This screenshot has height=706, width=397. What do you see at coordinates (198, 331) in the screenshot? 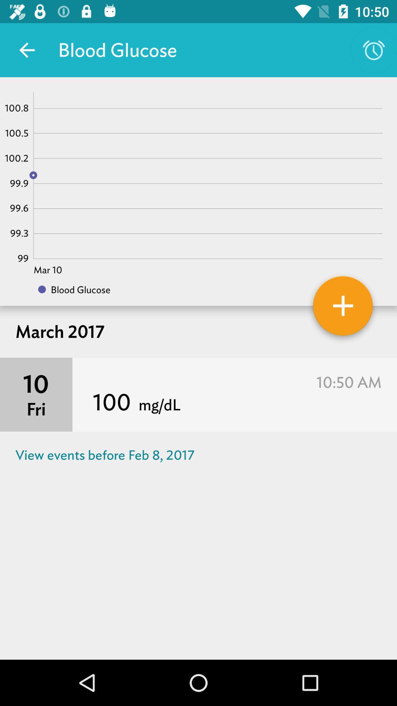
I see `march 2017` at bounding box center [198, 331].